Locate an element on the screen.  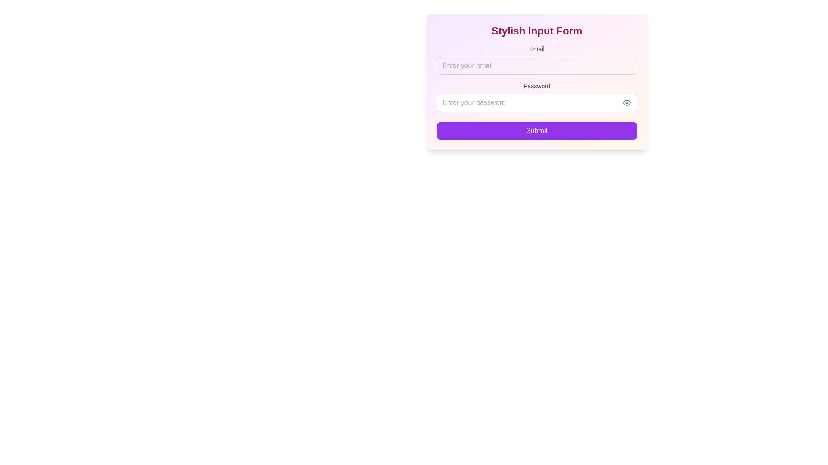
the password input field located below the email input section and above the submit button is located at coordinates (536, 96).